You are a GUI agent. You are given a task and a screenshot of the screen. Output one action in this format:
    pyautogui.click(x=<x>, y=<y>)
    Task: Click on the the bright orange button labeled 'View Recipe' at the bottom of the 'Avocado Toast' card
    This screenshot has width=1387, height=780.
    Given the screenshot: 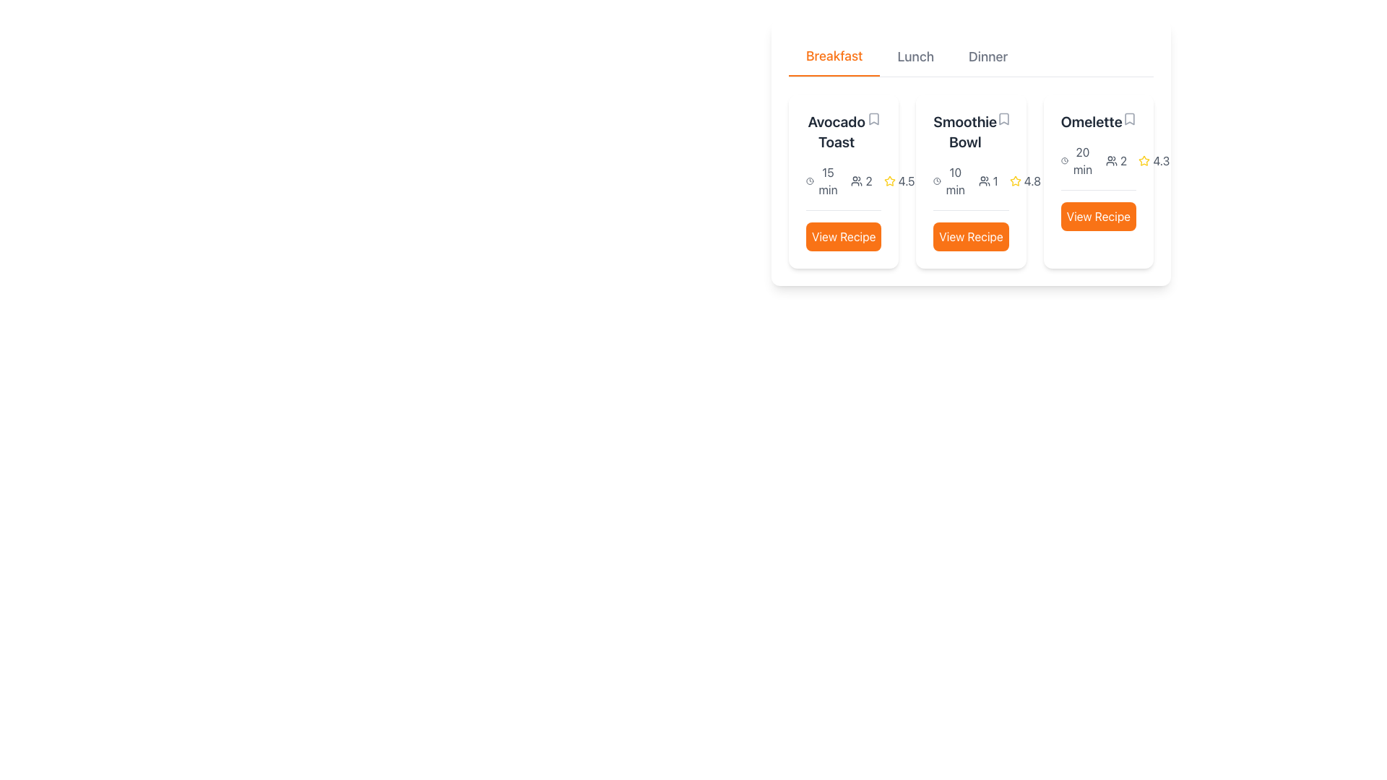 What is the action you would take?
    pyautogui.click(x=843, y=230)
    